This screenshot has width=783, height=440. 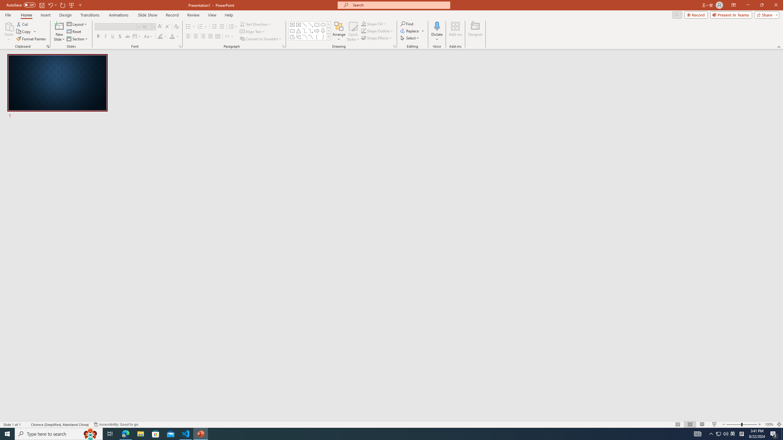 I want to click on 'Connector: Elbow', so click(x=304, y=30).